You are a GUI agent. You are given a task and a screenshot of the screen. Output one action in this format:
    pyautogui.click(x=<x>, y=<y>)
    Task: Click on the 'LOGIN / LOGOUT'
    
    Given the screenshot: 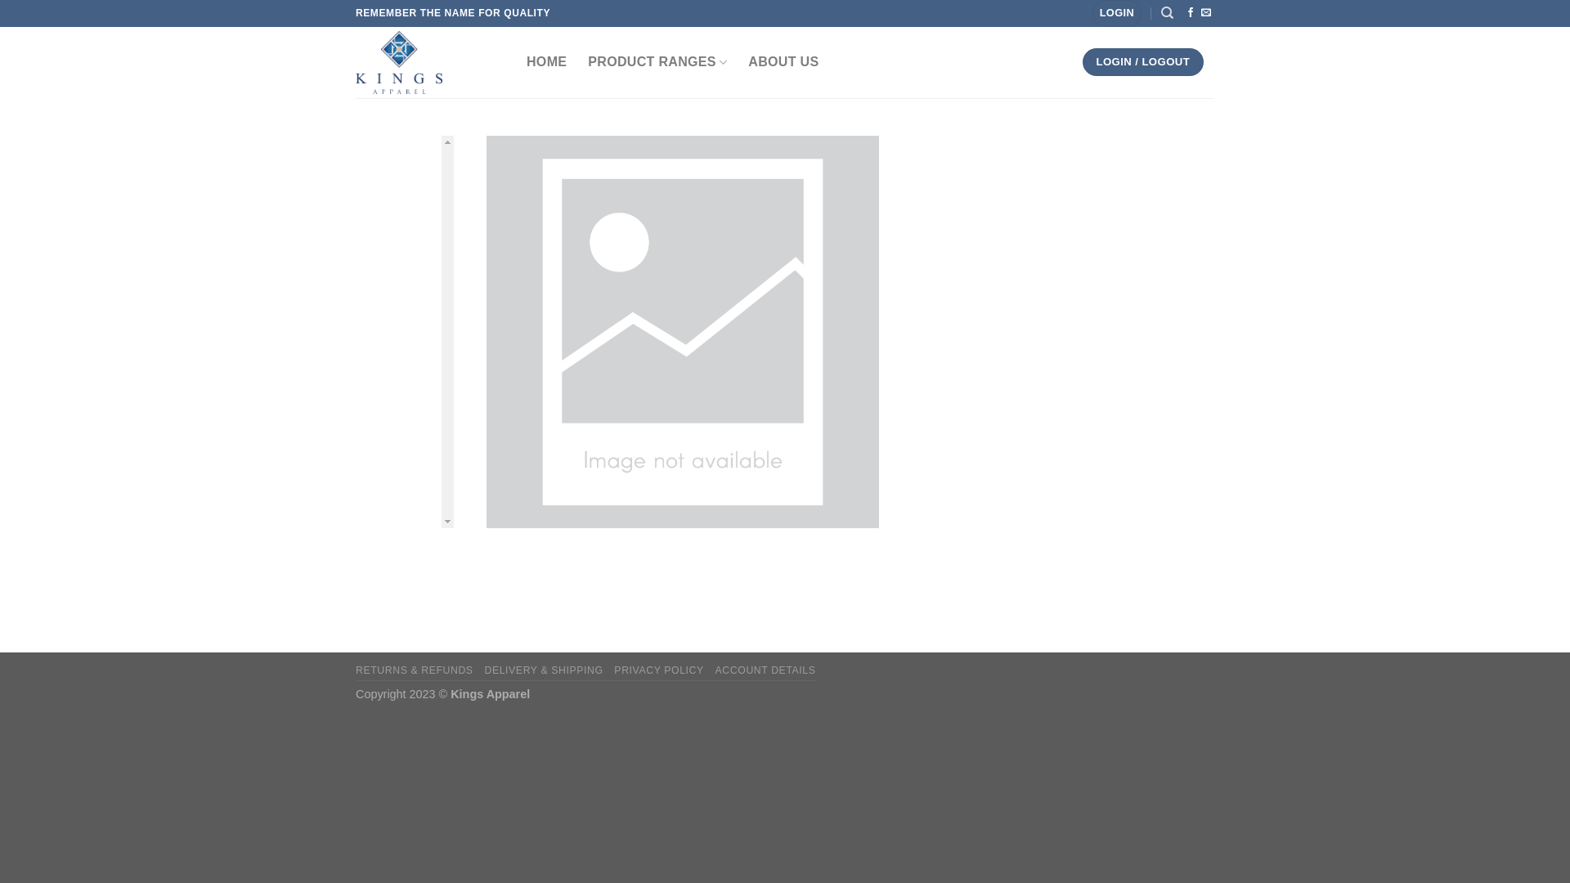 What is the action you would take?
    pyautogui.click(x=1083, y=61)
    